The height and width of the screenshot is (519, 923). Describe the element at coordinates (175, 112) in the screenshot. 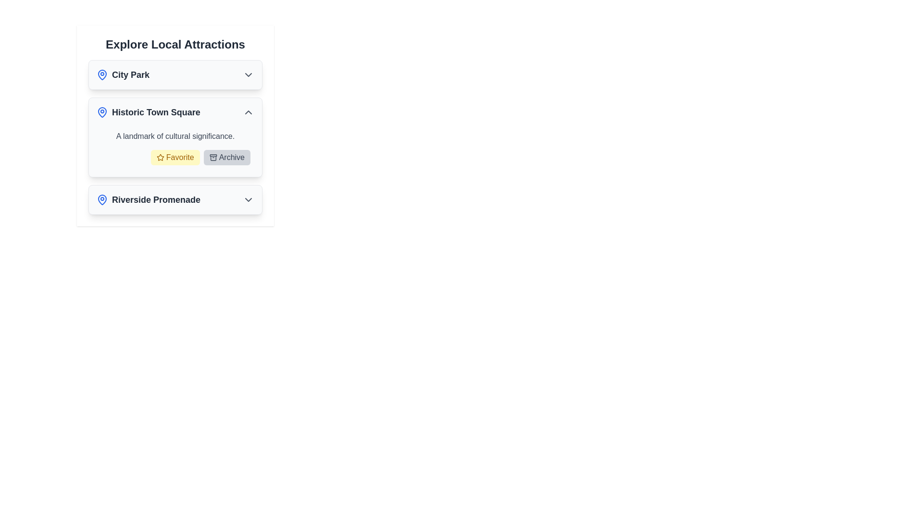

I see `the second interactive list item labeled 'Historic Town Square'` at that location.